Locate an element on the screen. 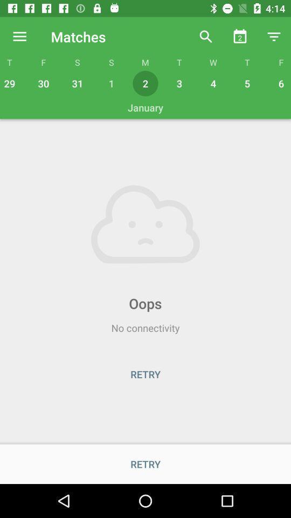 The height and width of the screenshot is (518, 291). the icon to the left of f item is located at coordinates (19, 37).